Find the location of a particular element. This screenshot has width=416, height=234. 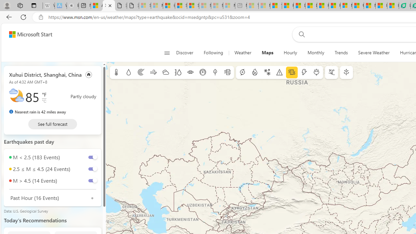

'Visibility' is located at coordinates (190, 72).